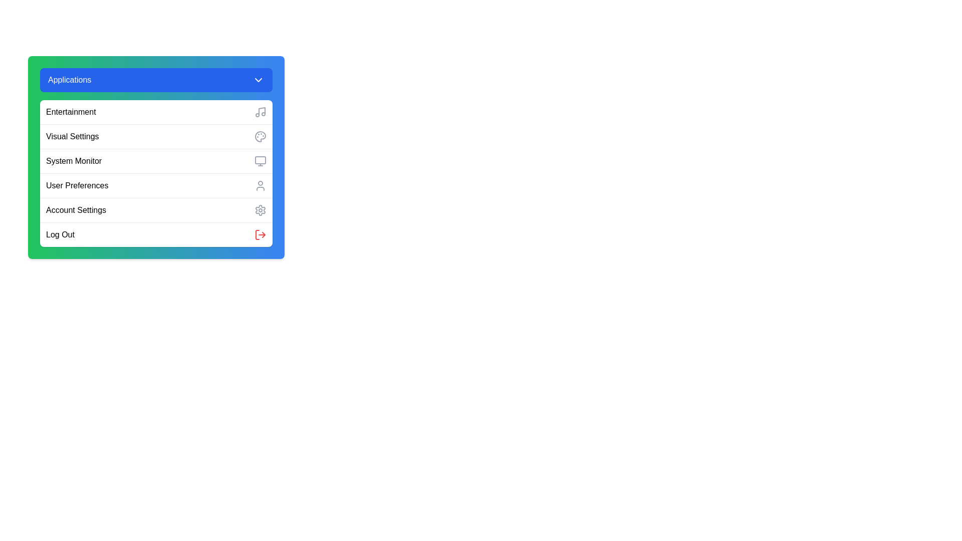  Describe the element at coordinates (156, 112) in the screenshot. I see `the menu item Entertainment to observe the interaction effect` at that location.